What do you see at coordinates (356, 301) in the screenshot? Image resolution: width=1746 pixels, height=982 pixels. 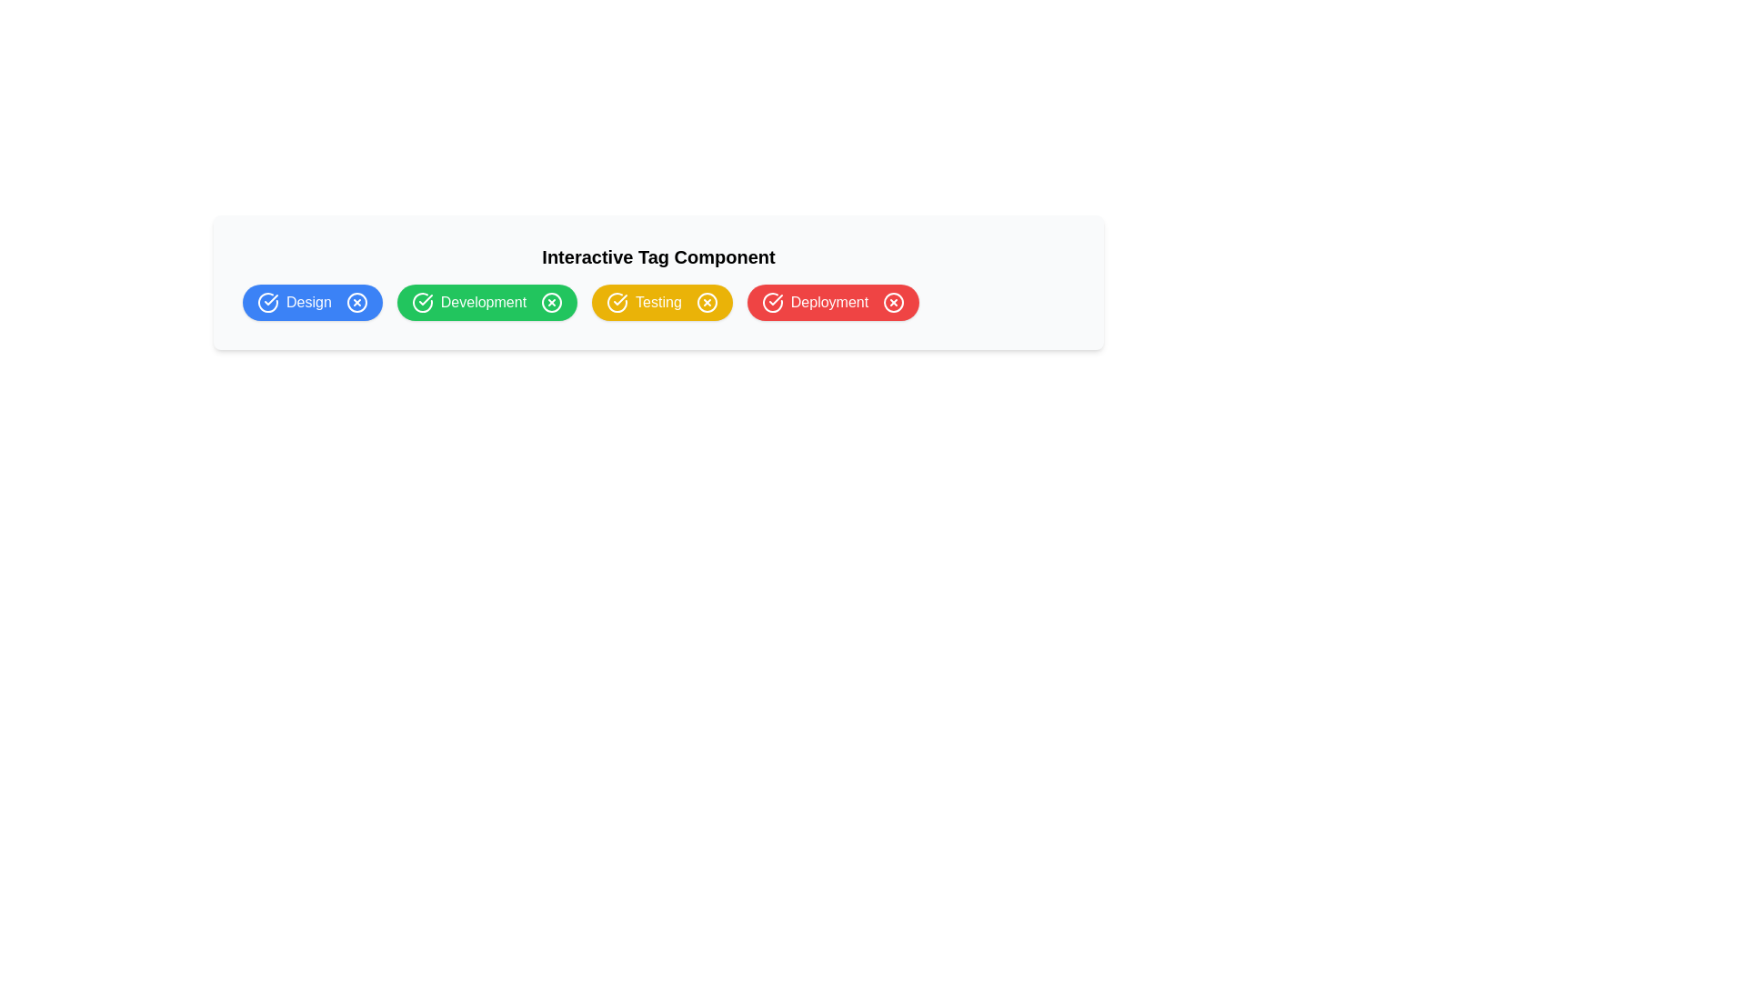 I see `the interactive icon located on the right side of the 'Design' button` at bounding box center [356, 301].